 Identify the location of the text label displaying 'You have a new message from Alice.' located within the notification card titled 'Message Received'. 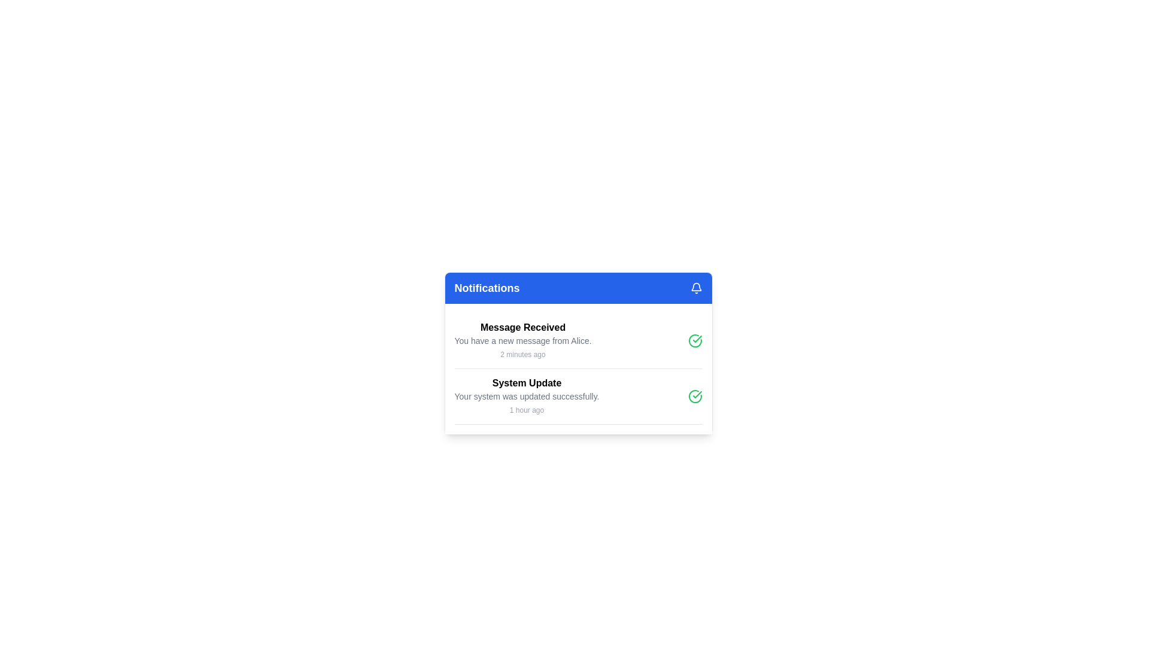
(522, 341).